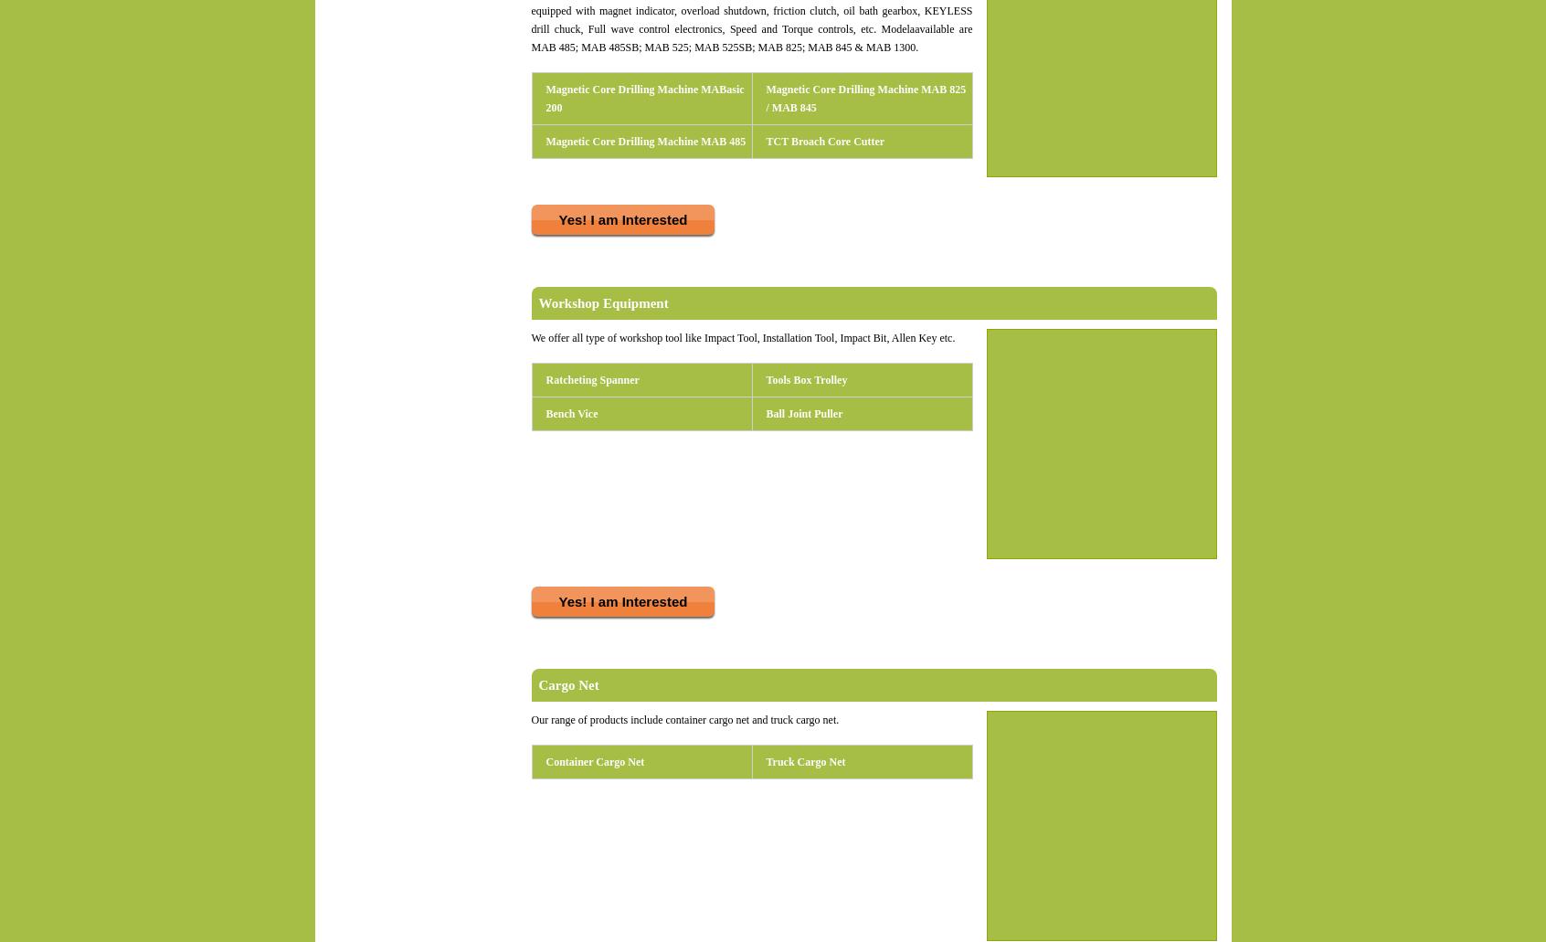  I want to click on 'Workshop Equipment', so click(603, 302).